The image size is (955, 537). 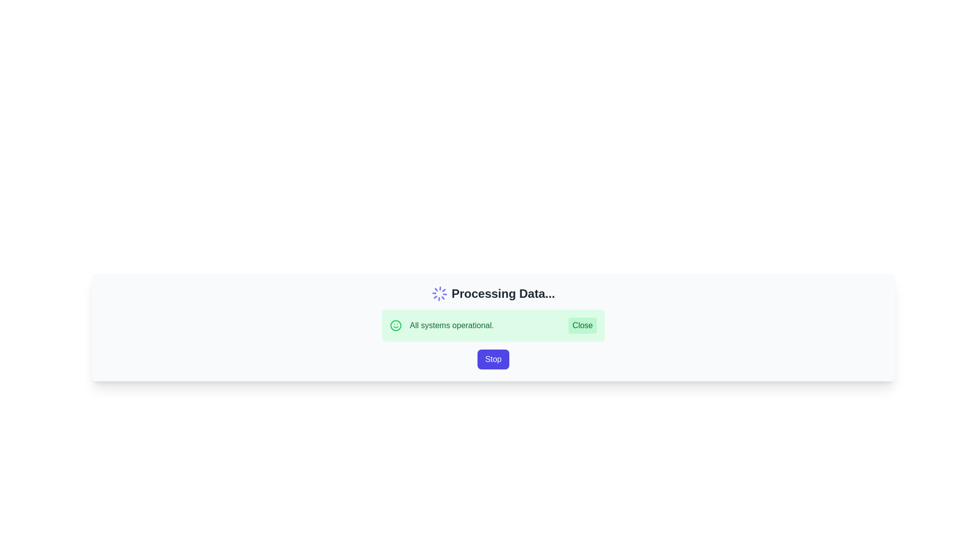 What do you see at coordinates (439, 293) in the screenshot?
I see `the circular spinner loading indicator with radiating lines in blue hue, which is located to the left of the 'Processing Data...' text` at bounding box center [439, 293].